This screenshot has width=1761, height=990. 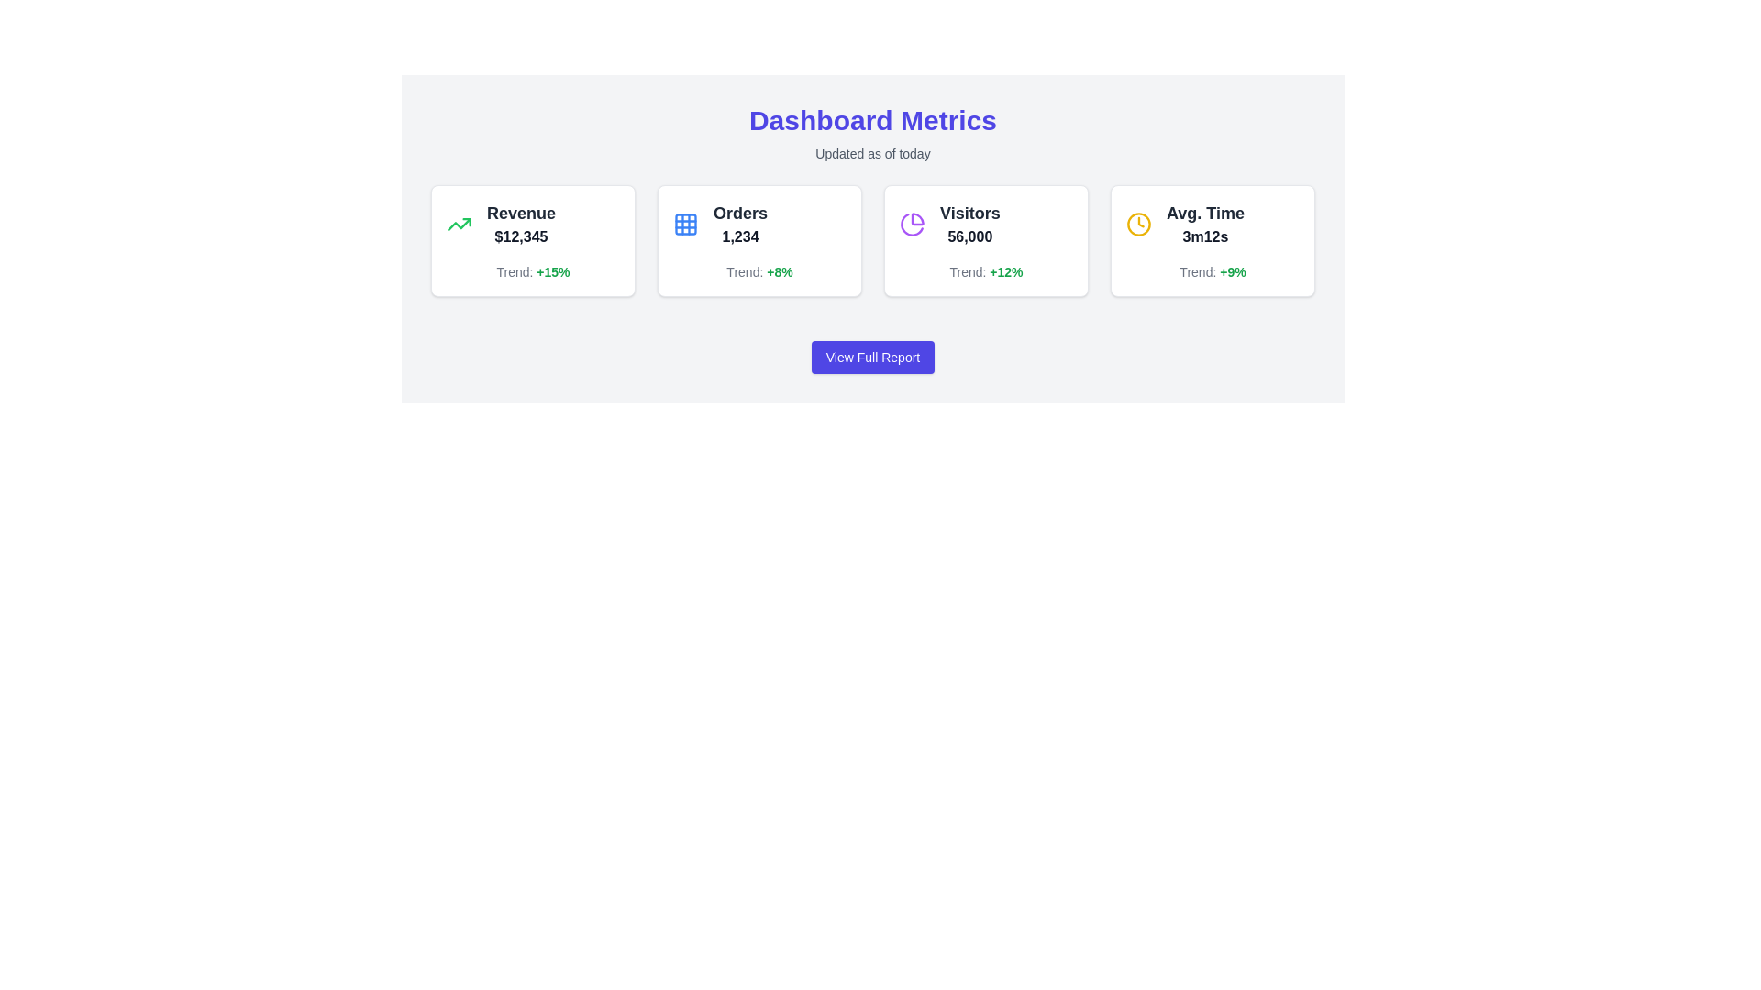 What do you see at coordinates (969, 236) in the screenshot?
I see `the numeric 'Visitors' count text label located within the third metric card from the left in the dashboard analytics summary` at bounding box center [969, 236].